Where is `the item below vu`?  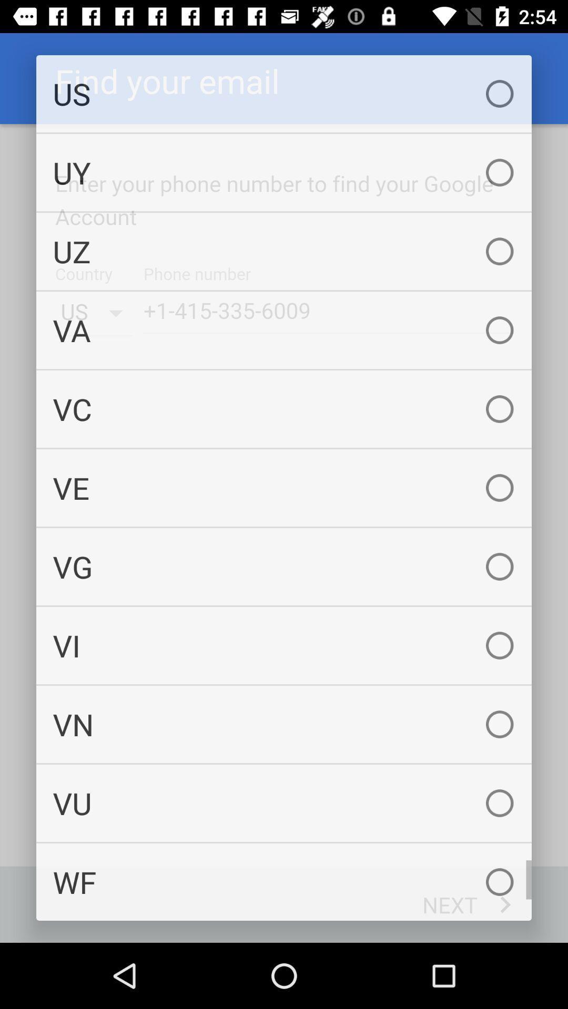 the item below vu is located at coordinates (284, 882).